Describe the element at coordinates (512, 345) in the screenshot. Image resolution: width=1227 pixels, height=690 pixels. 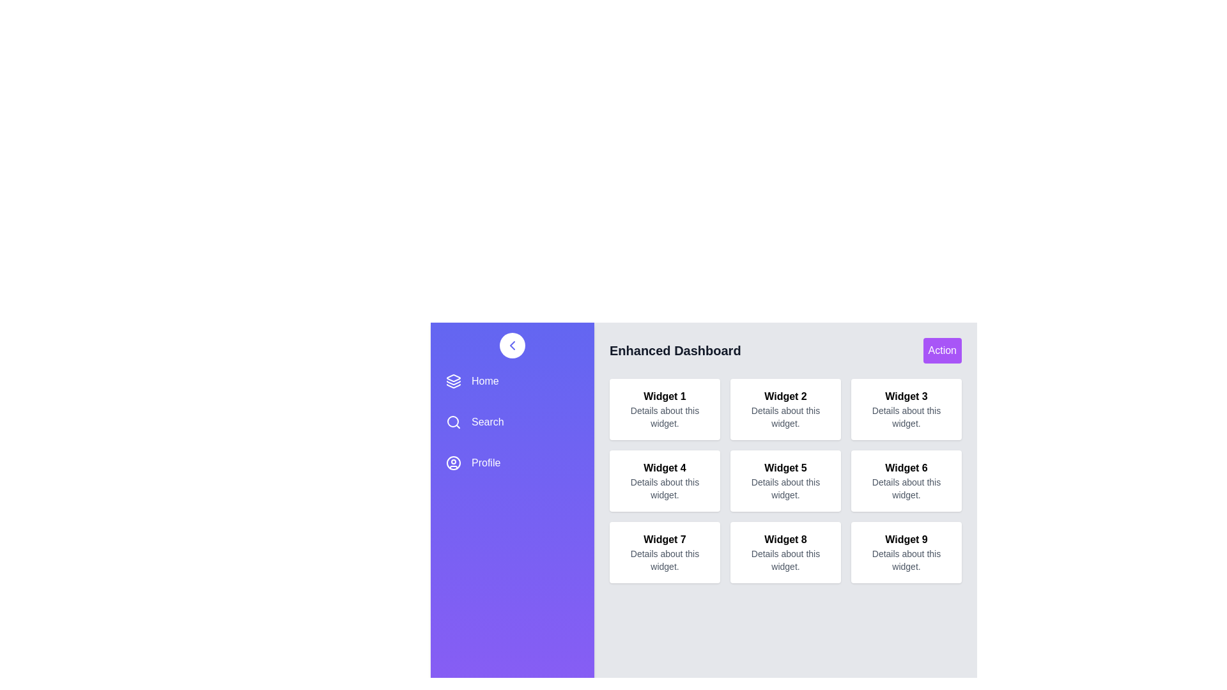
I see `the toggle button to change the drawer state` at that location.